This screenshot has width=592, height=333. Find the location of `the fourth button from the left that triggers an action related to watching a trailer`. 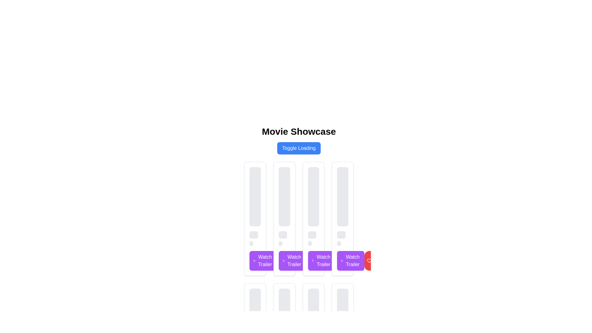

the fourth button from the left that triggers an action related to watching a trailer is located at coordinates (346, 261).